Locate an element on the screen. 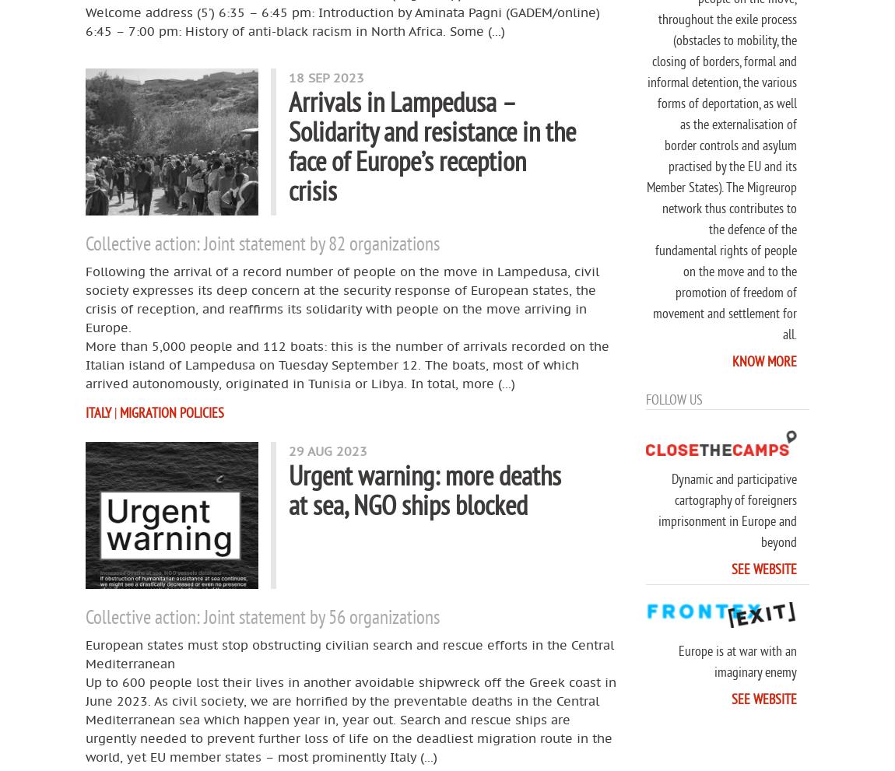 The image size is (895, 771). '|' is located at coordinates (116, 412).